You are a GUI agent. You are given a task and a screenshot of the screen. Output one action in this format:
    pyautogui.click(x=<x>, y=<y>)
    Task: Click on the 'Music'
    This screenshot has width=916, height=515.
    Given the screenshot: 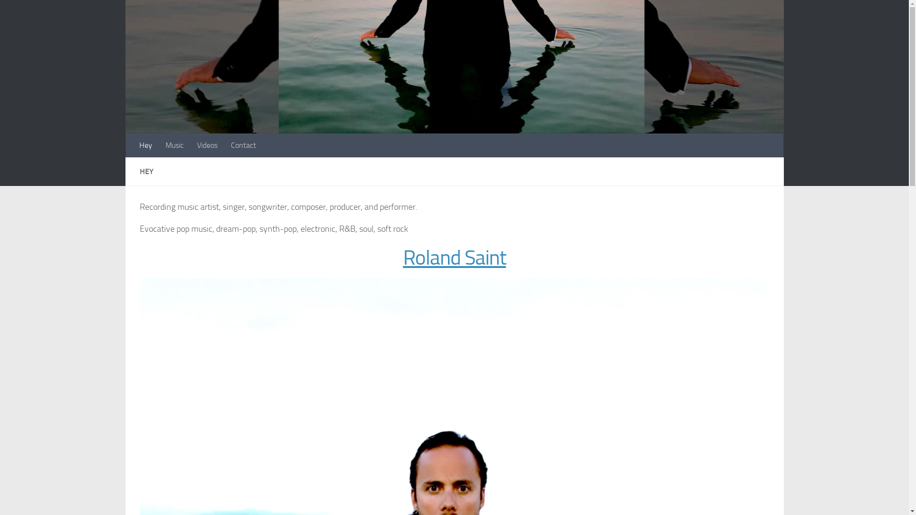 What is the action you would take?
    pyautogui.click(x=174, y=145)
    